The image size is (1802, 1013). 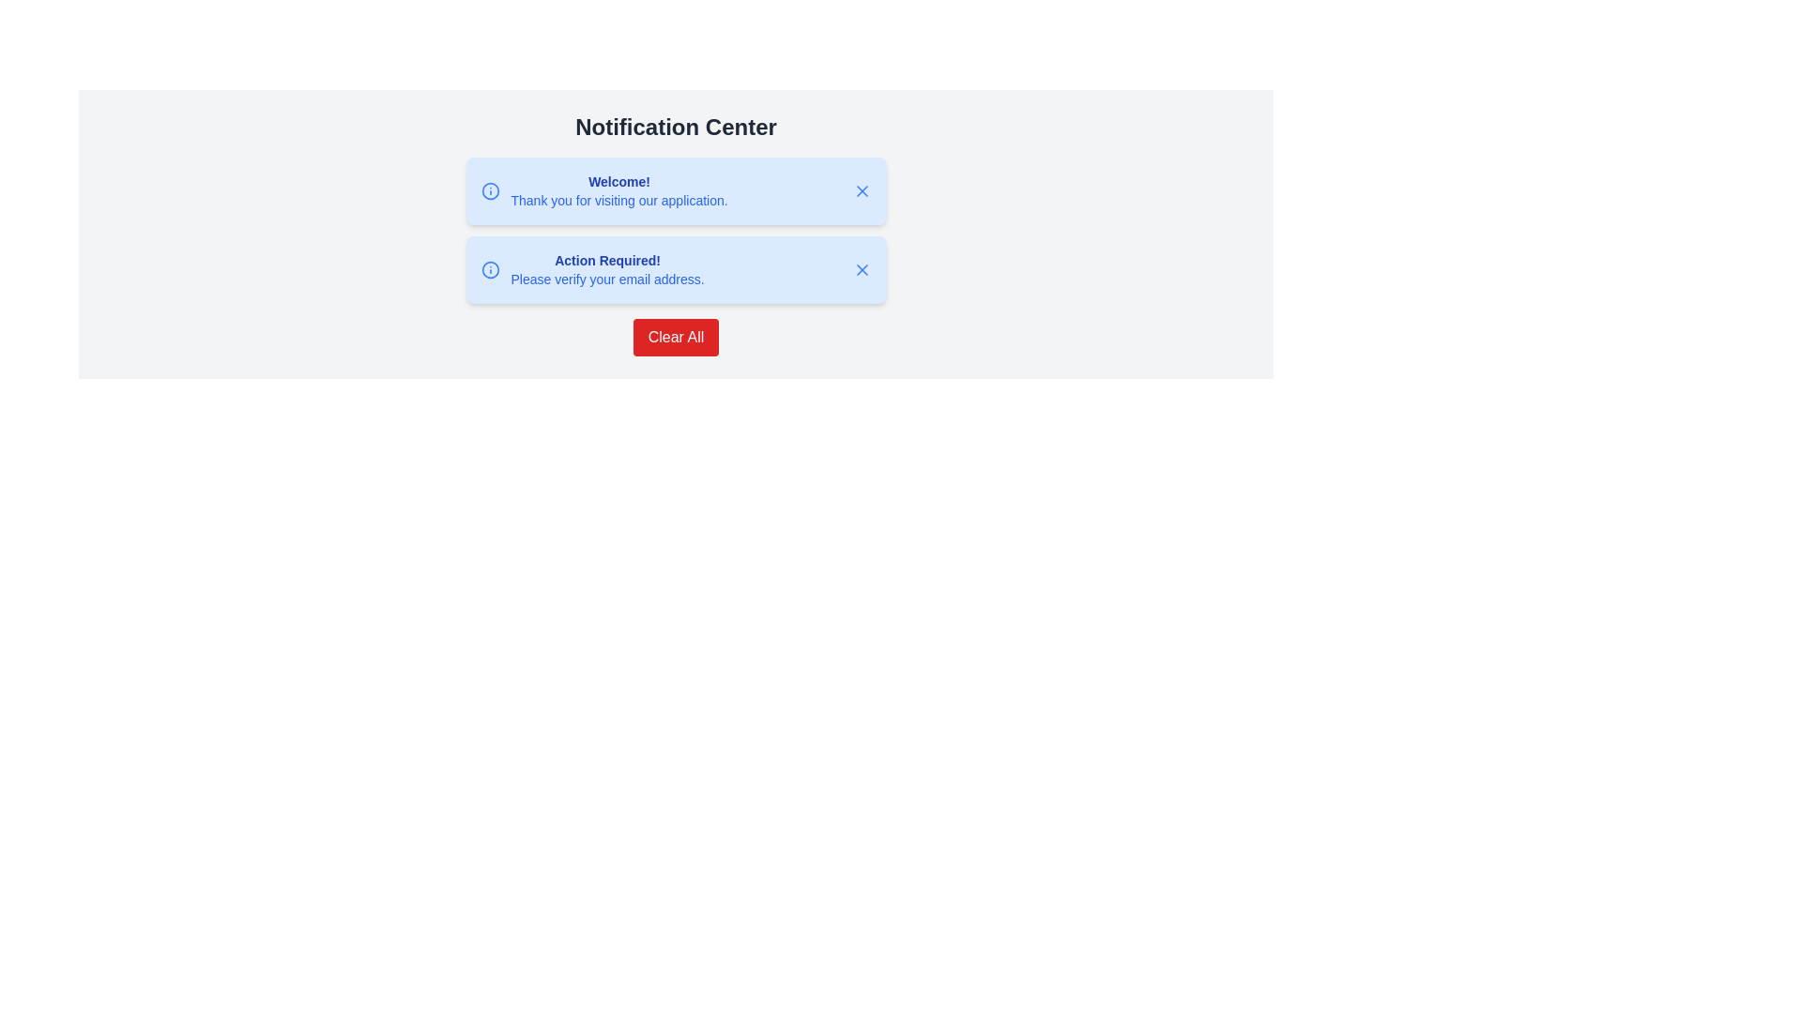 What do you see at coordinates (607, 260) in the screenshot?
I see `the static text label 'Action Required!' which is styled with a bold blue font and is located in the second notification card under 'Notification Center'` at bounding box center [607, 260].